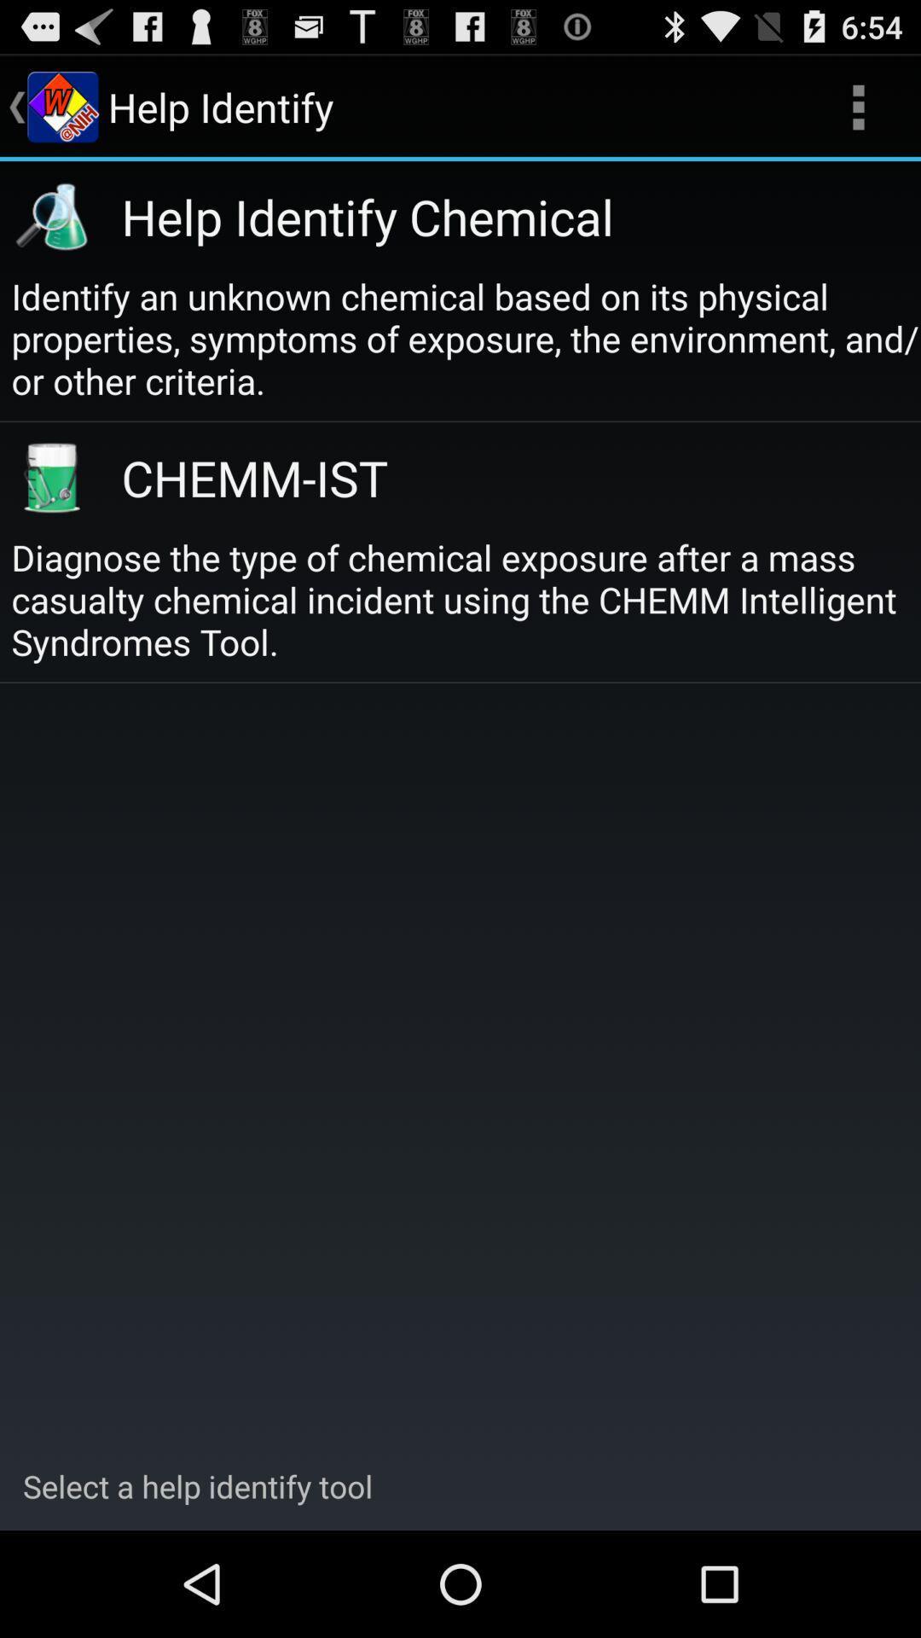  What do you see at coordinates (466, 599) in the screenshot?
I see `diagnose the type at the center` at bounding box center [466, 599].